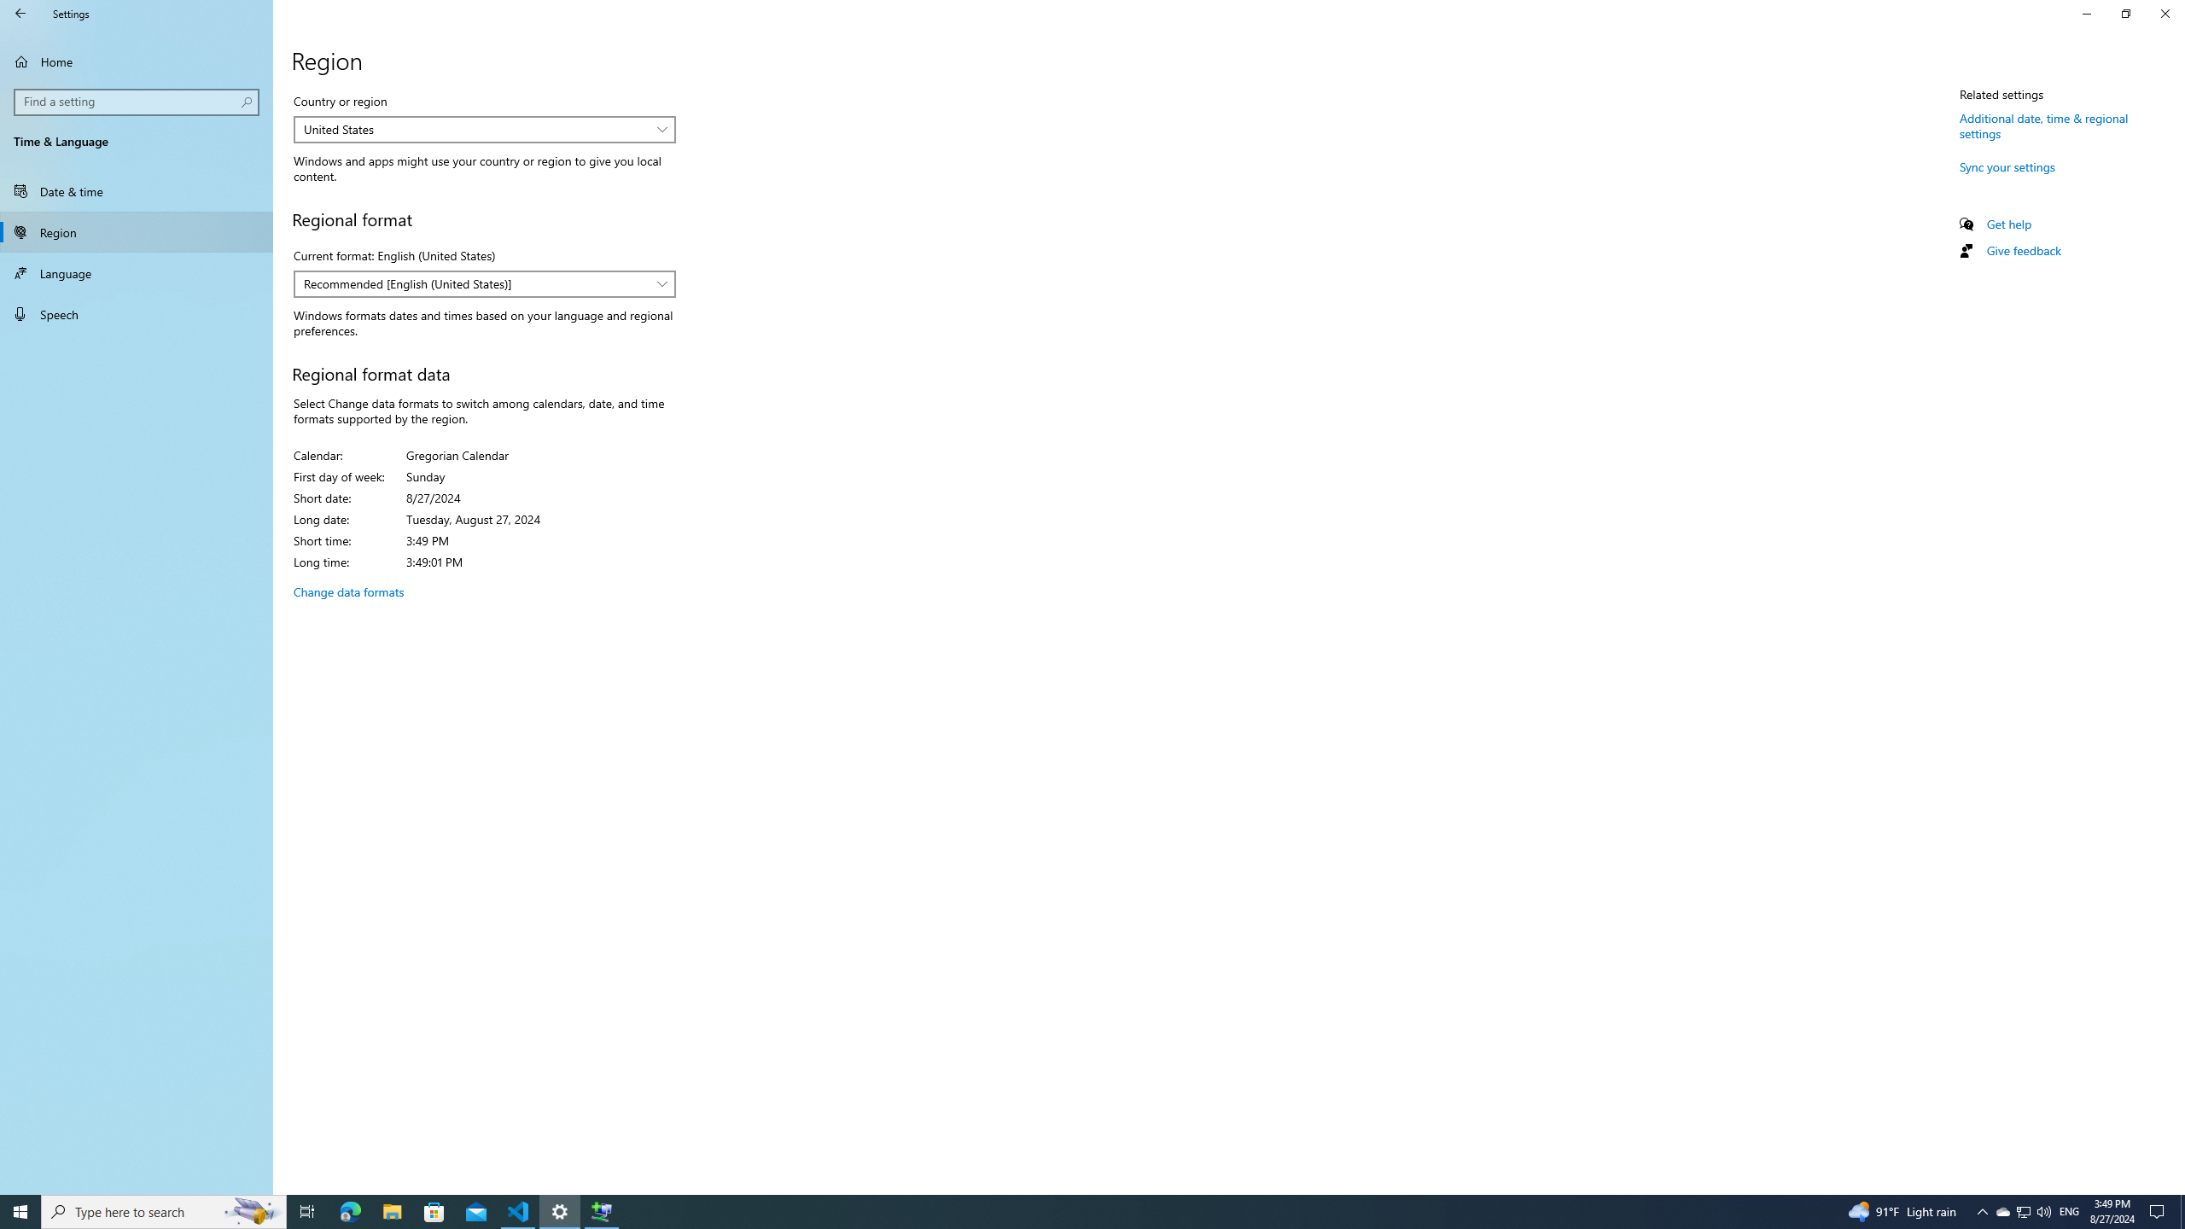 This screenshot has height=1229, width=2185. Describe the element at coordinates (136, 189) in the screenshot. I see `'Date & time'` at that location.